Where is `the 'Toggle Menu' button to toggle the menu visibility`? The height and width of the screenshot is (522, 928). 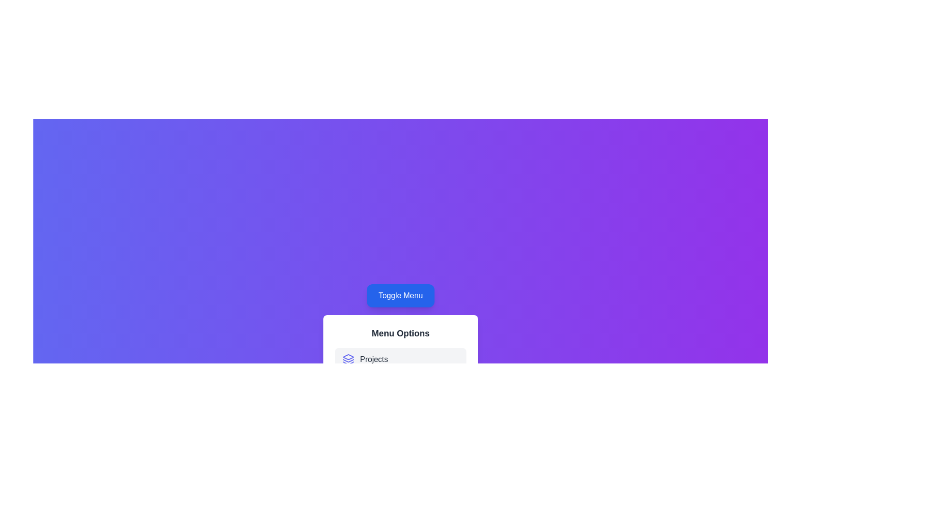
the 'Toggle Menu' button to toggle the menu visibility is located at coordinates (401, 295).